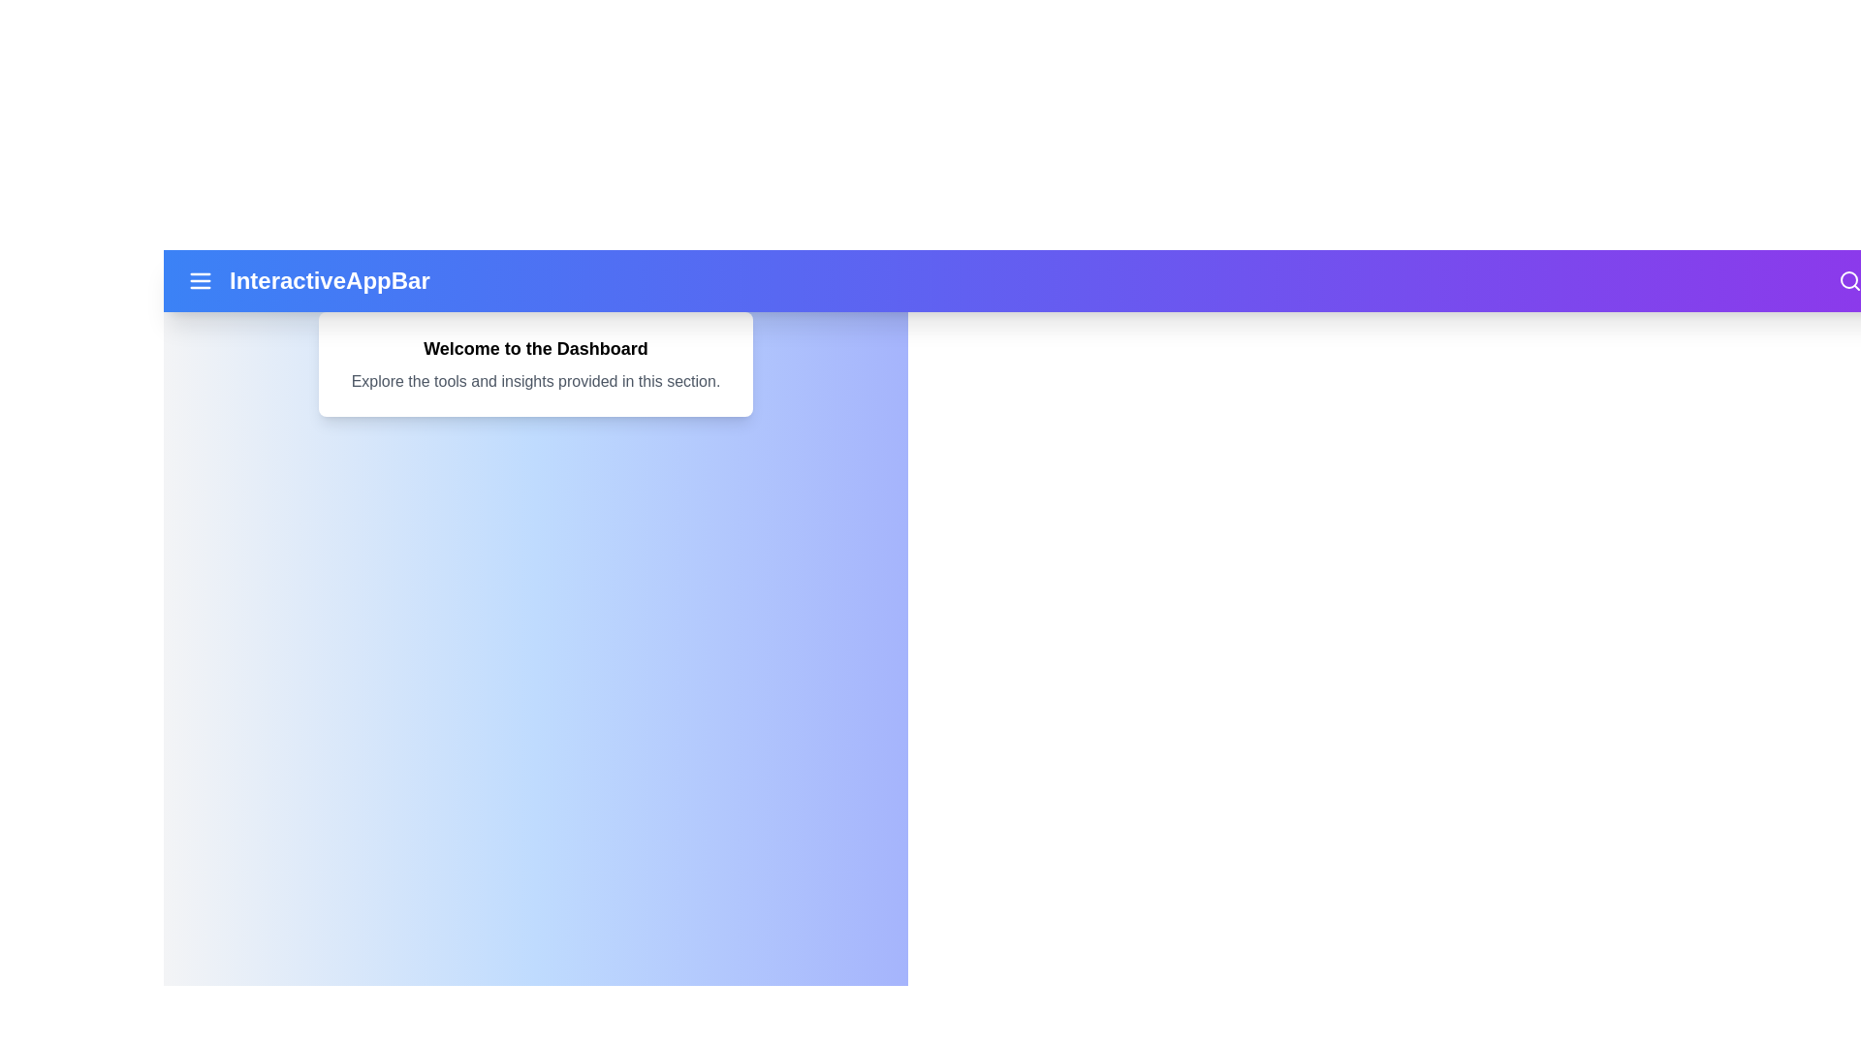  What do you see at coordinates (535, 773) in the screenshot?
I see `the empty space in the background gradient to simulate interaction` at bounding box center [535, 773].